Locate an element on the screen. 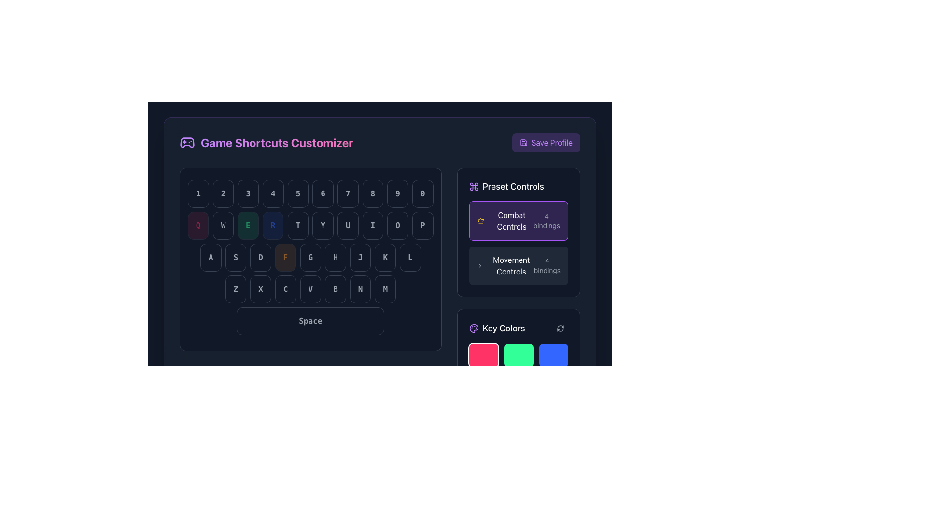 This screenshot has height=521, width=927. the keyboard key labeled 'S' is located at coordinates (236, 257).